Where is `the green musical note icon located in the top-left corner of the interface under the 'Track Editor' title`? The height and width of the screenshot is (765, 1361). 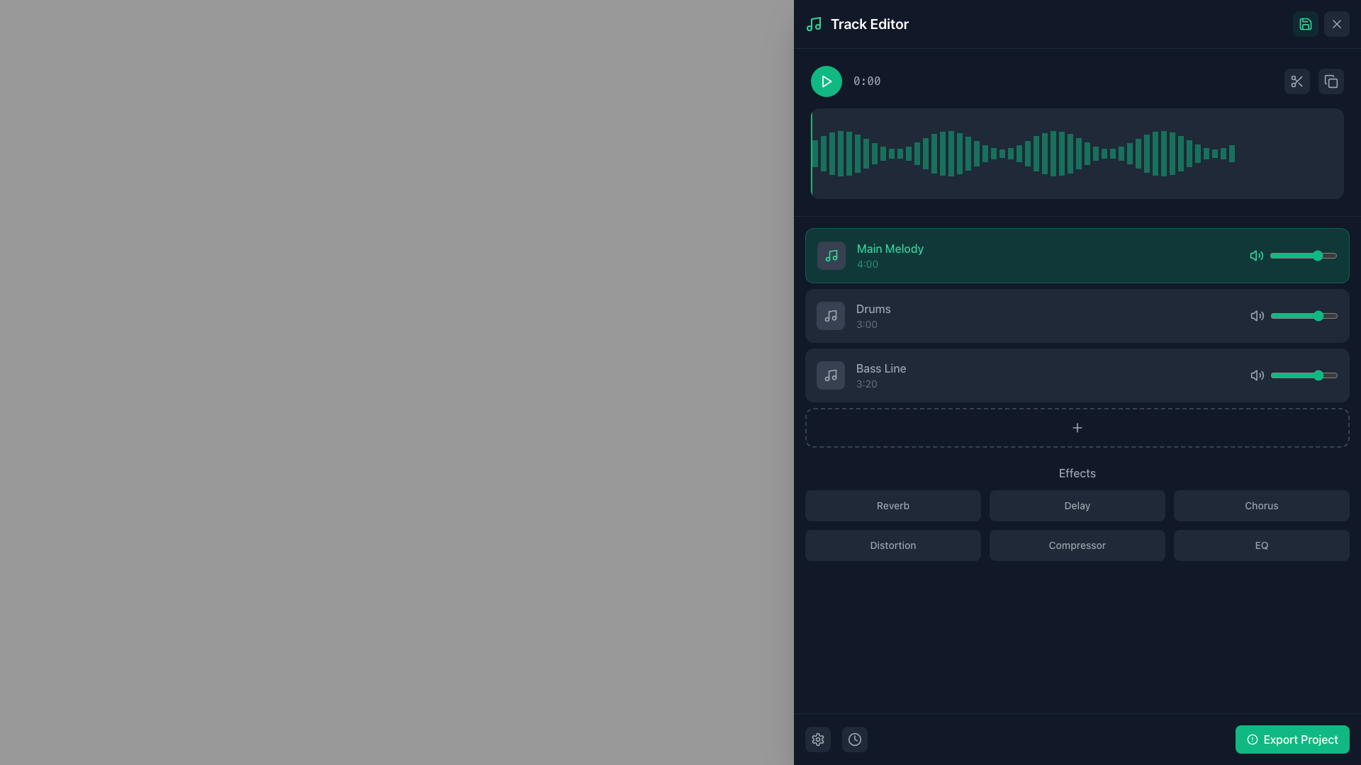
the green musical note icon located in the top-left corner of the interface under the 'Track Editor' title is located at coordinates (816, 22).